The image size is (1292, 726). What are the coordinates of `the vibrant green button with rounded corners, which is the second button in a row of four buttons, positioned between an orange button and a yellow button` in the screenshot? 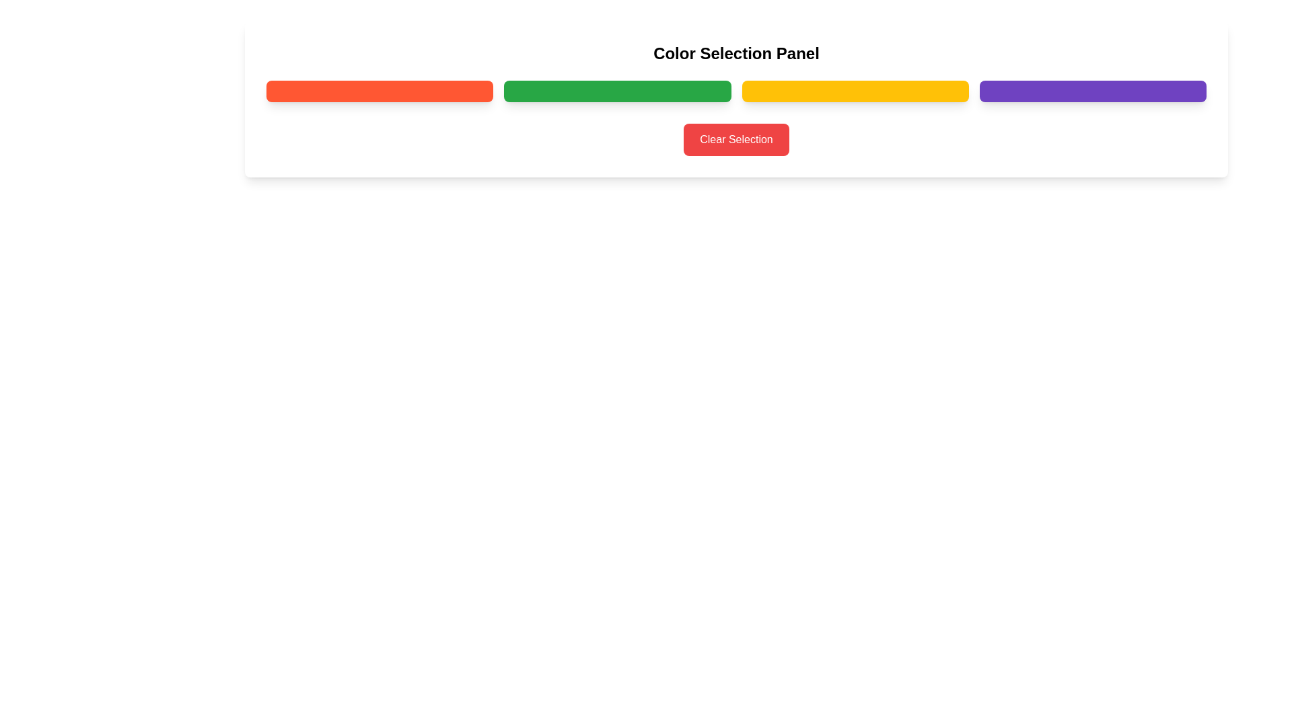 It's located at (616, 91).